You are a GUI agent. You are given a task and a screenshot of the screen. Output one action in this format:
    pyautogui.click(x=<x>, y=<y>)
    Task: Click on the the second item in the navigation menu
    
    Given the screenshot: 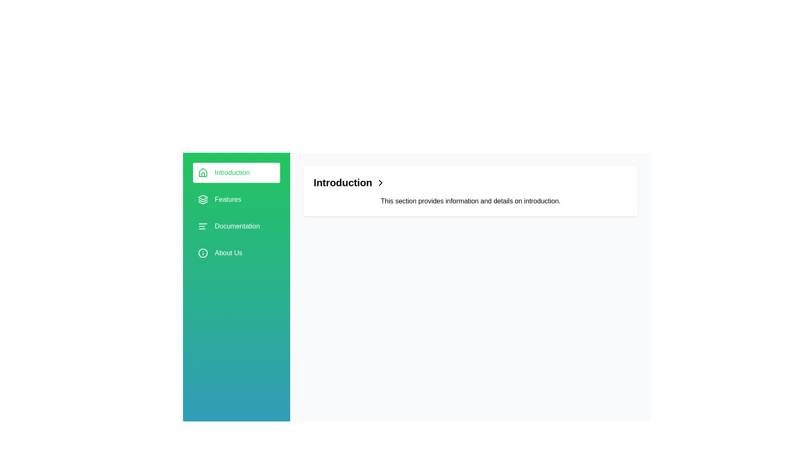 What is the action you would take?
    pyautogui.click(x=236, y=200)
    